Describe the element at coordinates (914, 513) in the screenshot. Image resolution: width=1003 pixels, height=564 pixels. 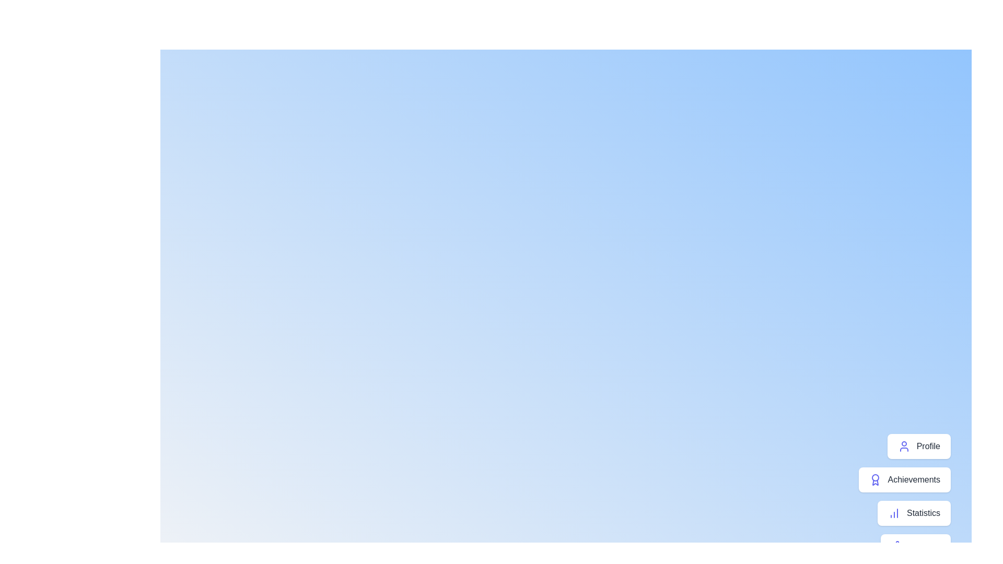
I see `the 'Statistics' button to select it` at that location.